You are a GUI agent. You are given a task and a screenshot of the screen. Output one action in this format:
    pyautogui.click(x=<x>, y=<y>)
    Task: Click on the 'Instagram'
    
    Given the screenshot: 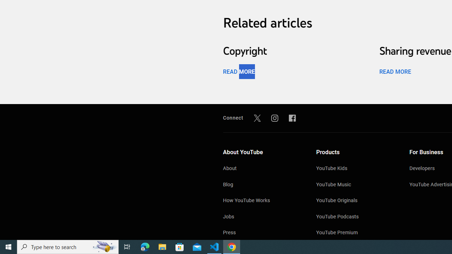 What is the action you would take?
    pyautogui.click(x=274, y=117)
    